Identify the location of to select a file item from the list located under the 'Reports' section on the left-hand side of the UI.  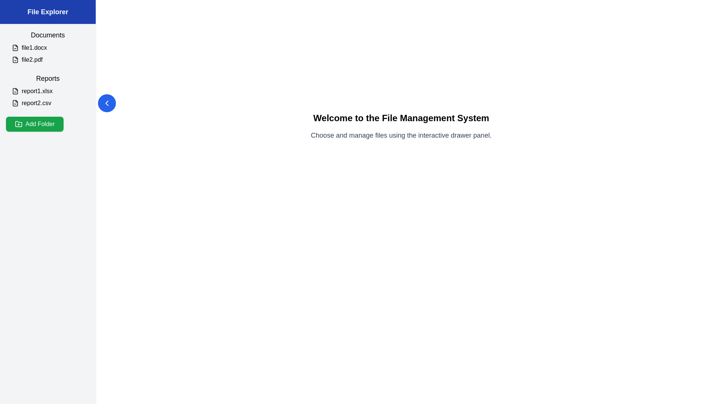
(47, 97).